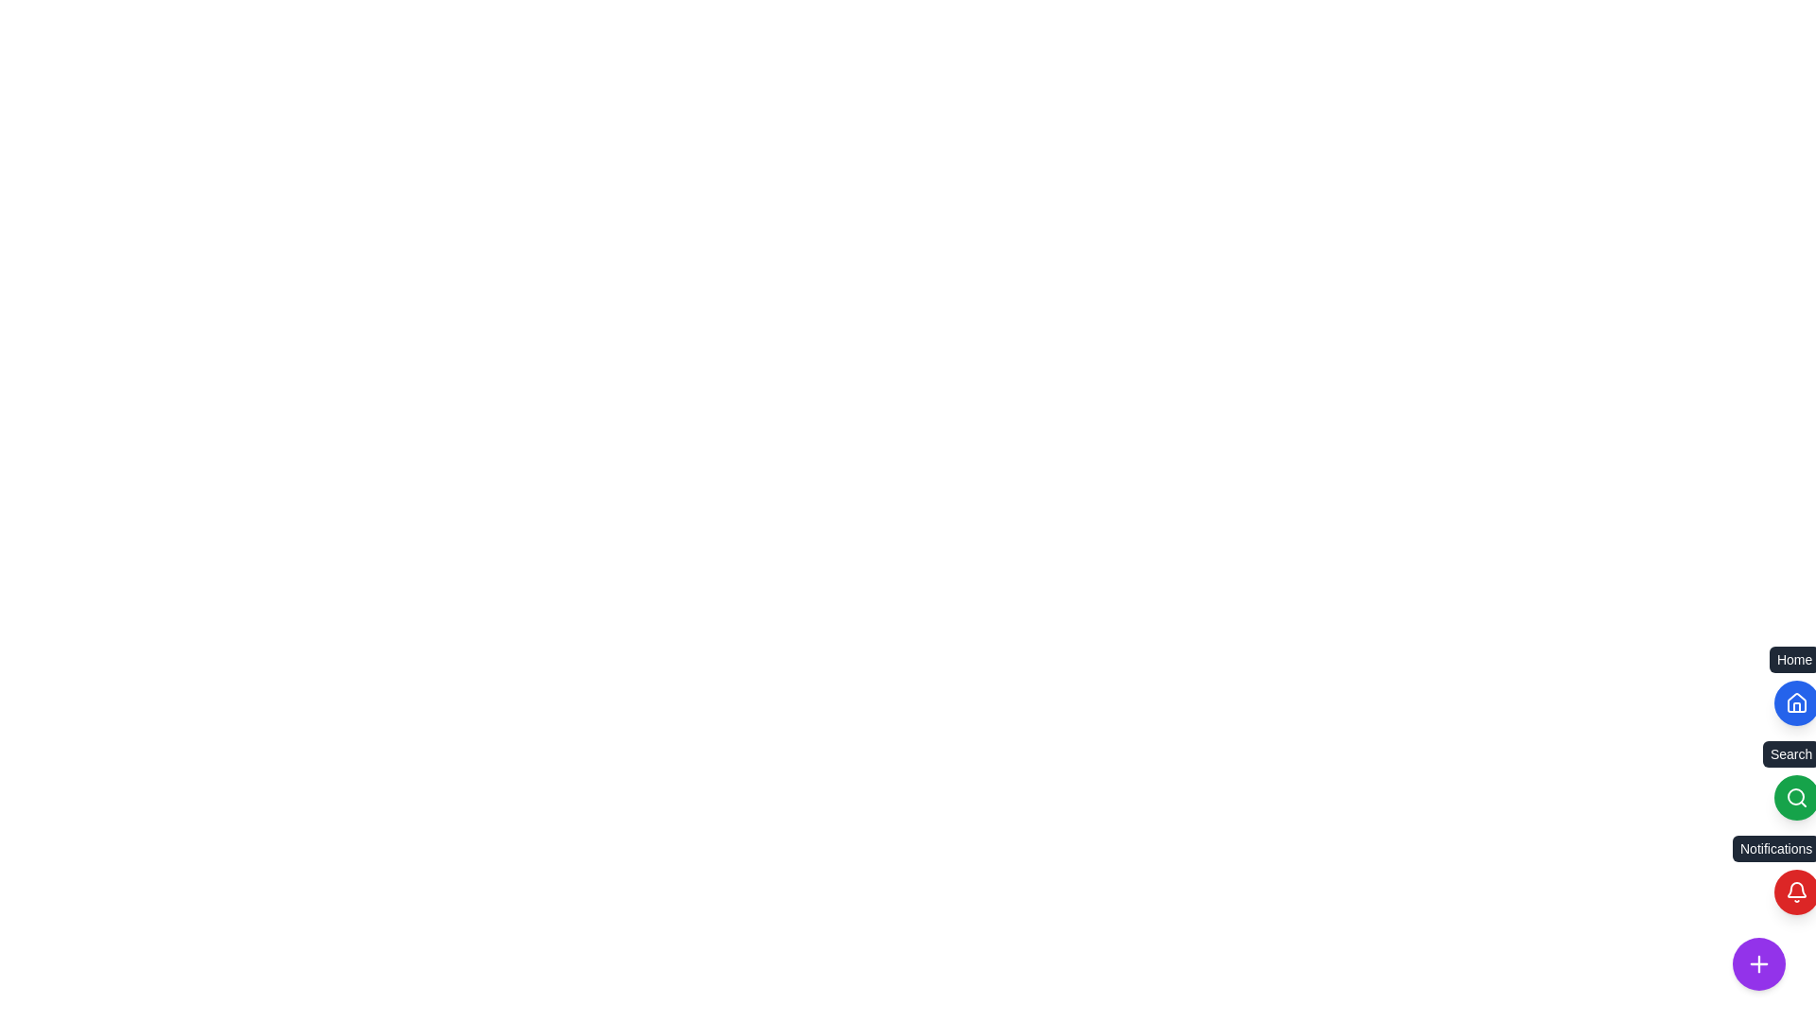 This screenshot has height=1021, width=1816. I want to click on the central 'Home' icon within the circular blue button located at the top of the vertical navigation menu on the right side of the interface, so click(1796, 703).